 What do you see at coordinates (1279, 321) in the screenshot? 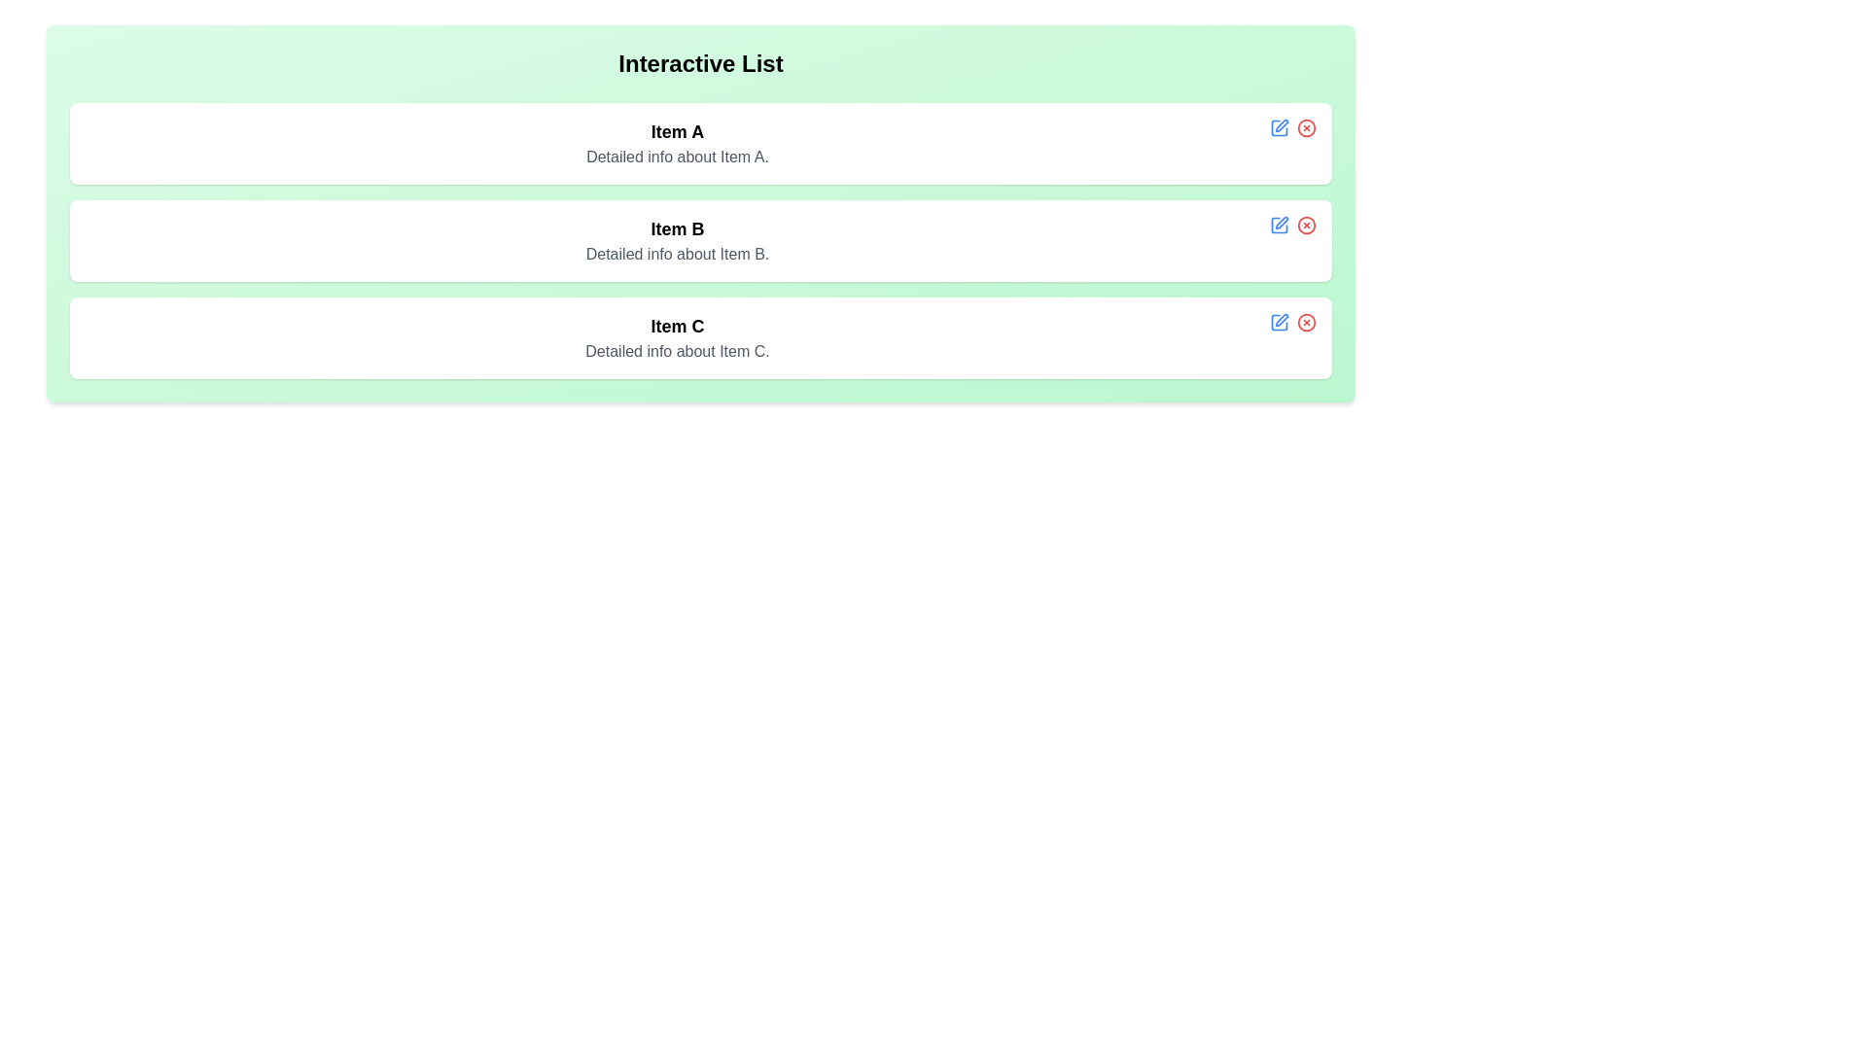
I see `the blue outlined pen icon button located at the bottom-right corner of the last entry in the vertical list` at bounding box center [1279, 321].